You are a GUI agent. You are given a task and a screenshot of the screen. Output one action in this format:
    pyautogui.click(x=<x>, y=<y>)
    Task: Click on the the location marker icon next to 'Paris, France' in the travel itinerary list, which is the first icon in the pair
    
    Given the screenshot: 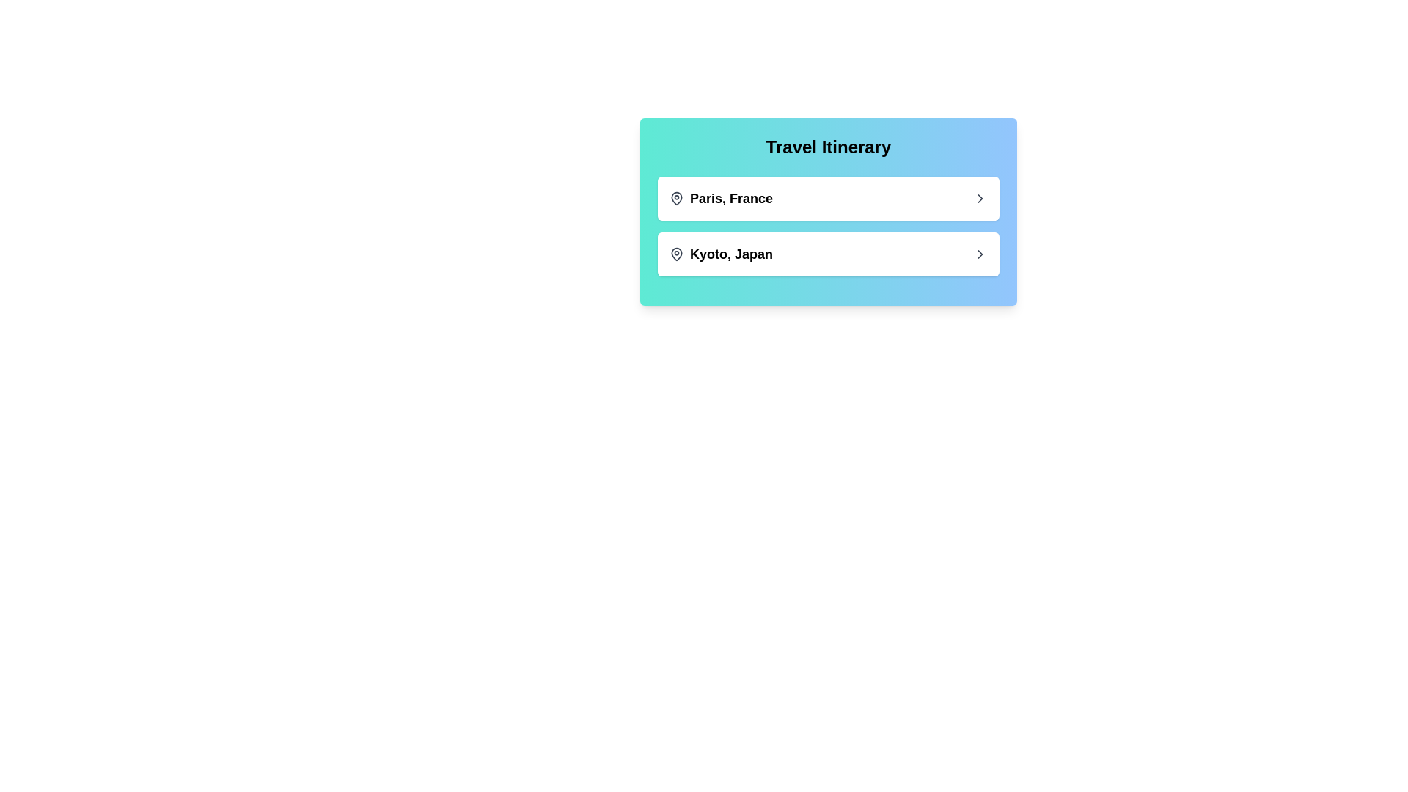 What is the action you would take?
    pyautogui.click(x=675, y=198)
    